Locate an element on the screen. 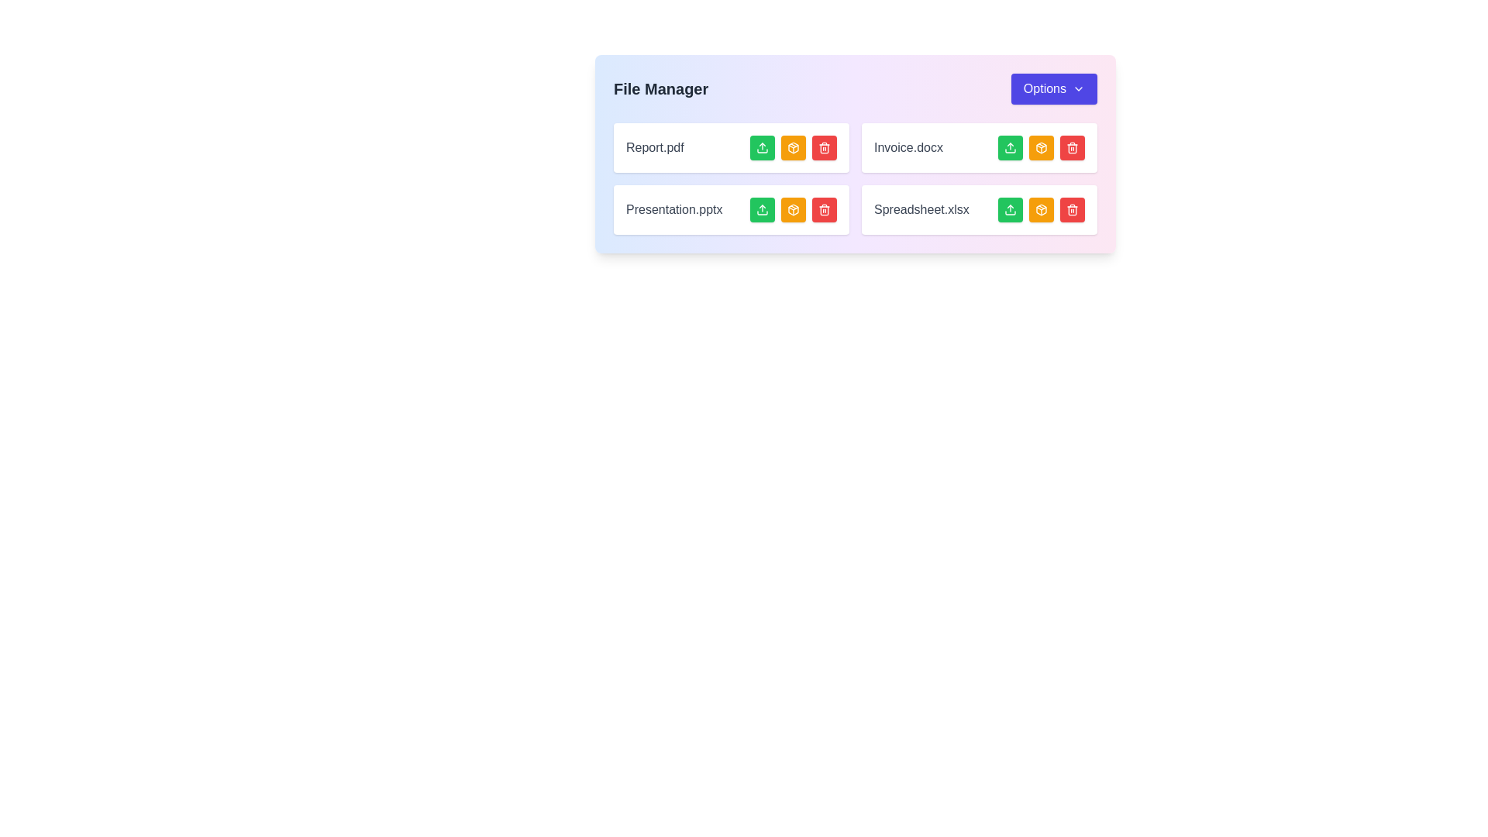 This screenshot has width=1488, height=837. the delete button represented by an SVG icon in the red button within the 'File Manager' interface is located at coordinates (1071, 148).